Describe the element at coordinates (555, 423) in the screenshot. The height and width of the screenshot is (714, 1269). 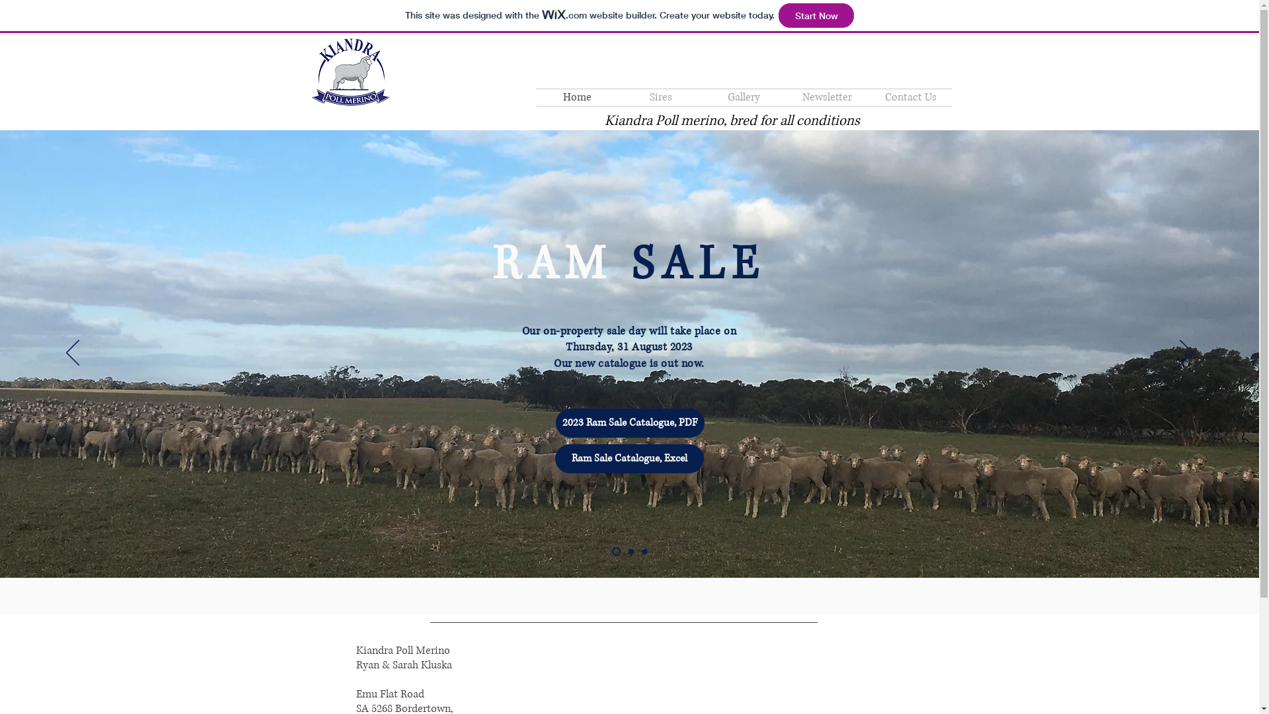
I see `'2023 Ram Sale Catalogue, PDF'` at that location.